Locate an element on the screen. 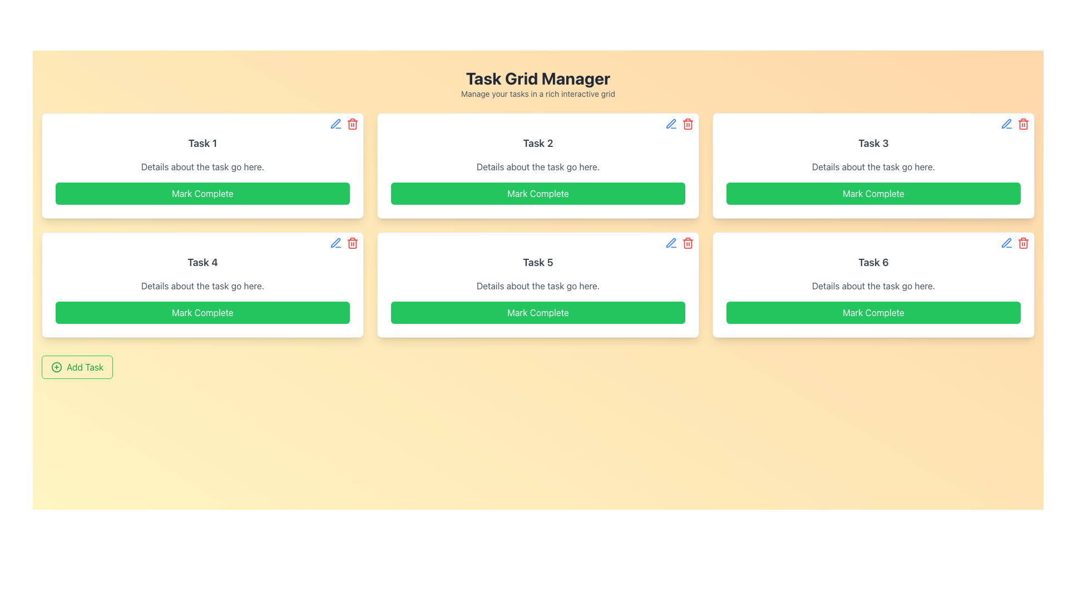  the 'Delete' icon (trash can) is located at coordinates (344, 242).